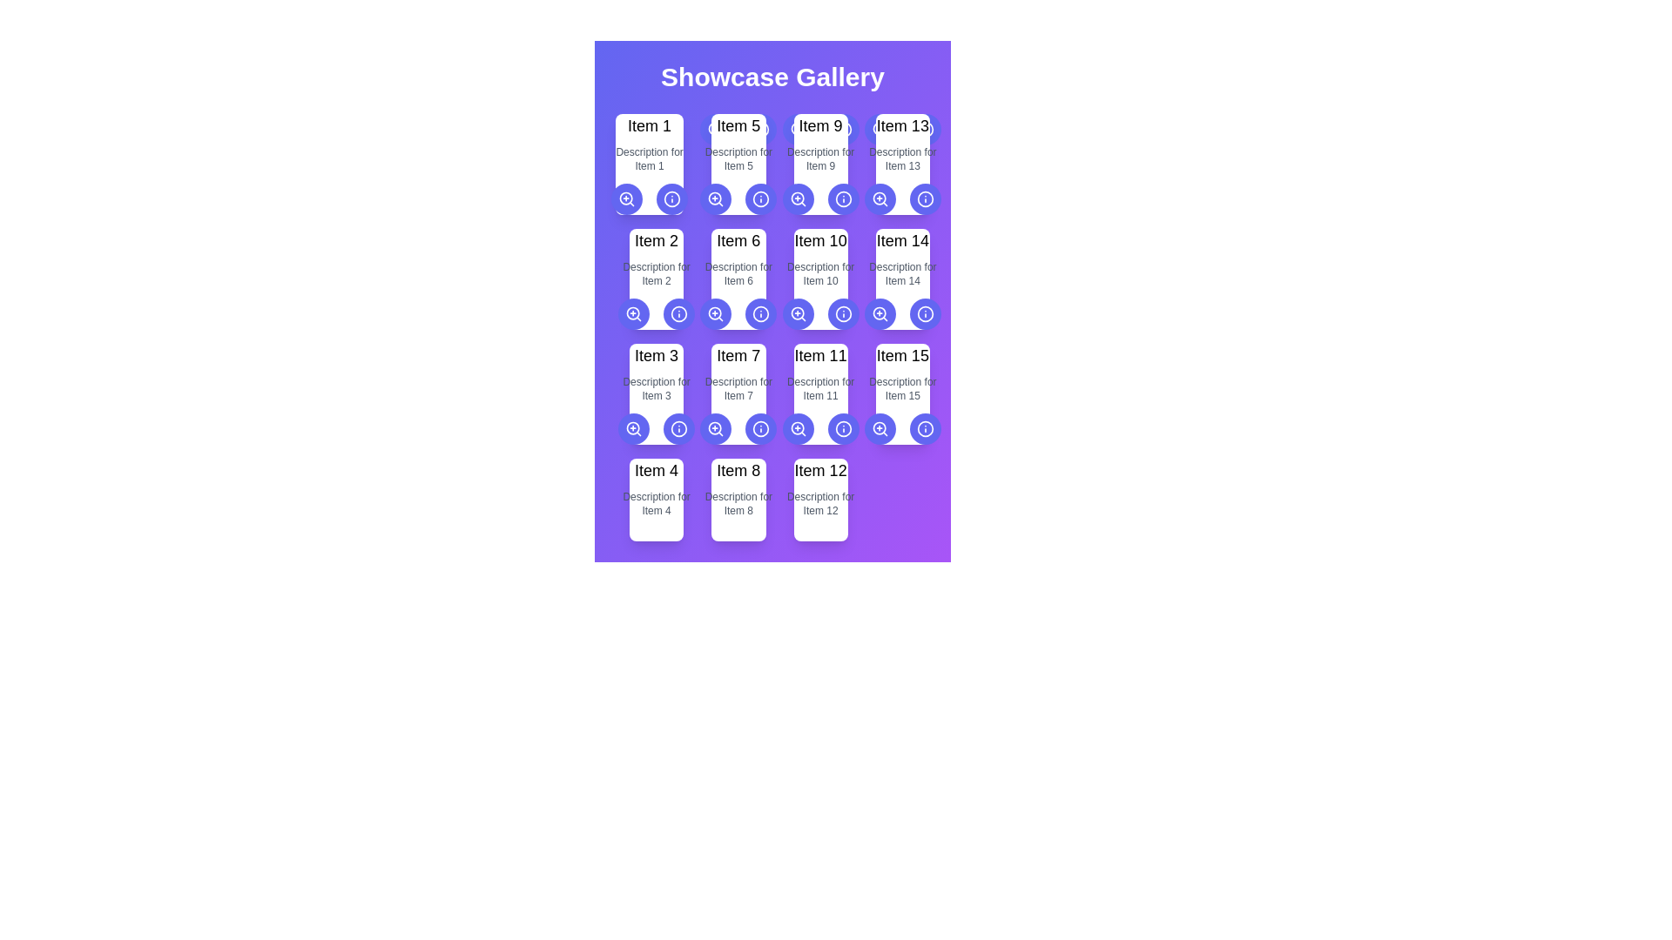  What do you see at coordinates (924, 129) in the screenshot?
I see `the informational icon inside the circular button located at the top-right corner of the 'Item 13' card` at bounding box center [924, 129].